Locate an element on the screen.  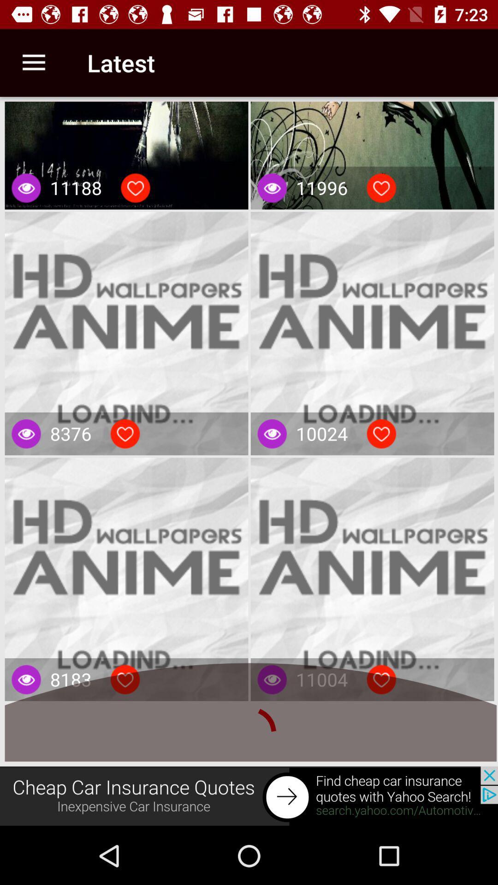
like buttons is located at coordinates (135, 188).